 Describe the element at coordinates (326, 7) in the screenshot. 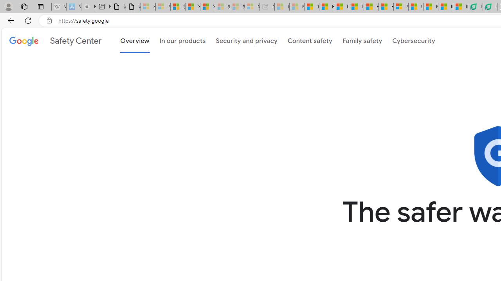

I see `'Food and Drink - MSN'` at that location.